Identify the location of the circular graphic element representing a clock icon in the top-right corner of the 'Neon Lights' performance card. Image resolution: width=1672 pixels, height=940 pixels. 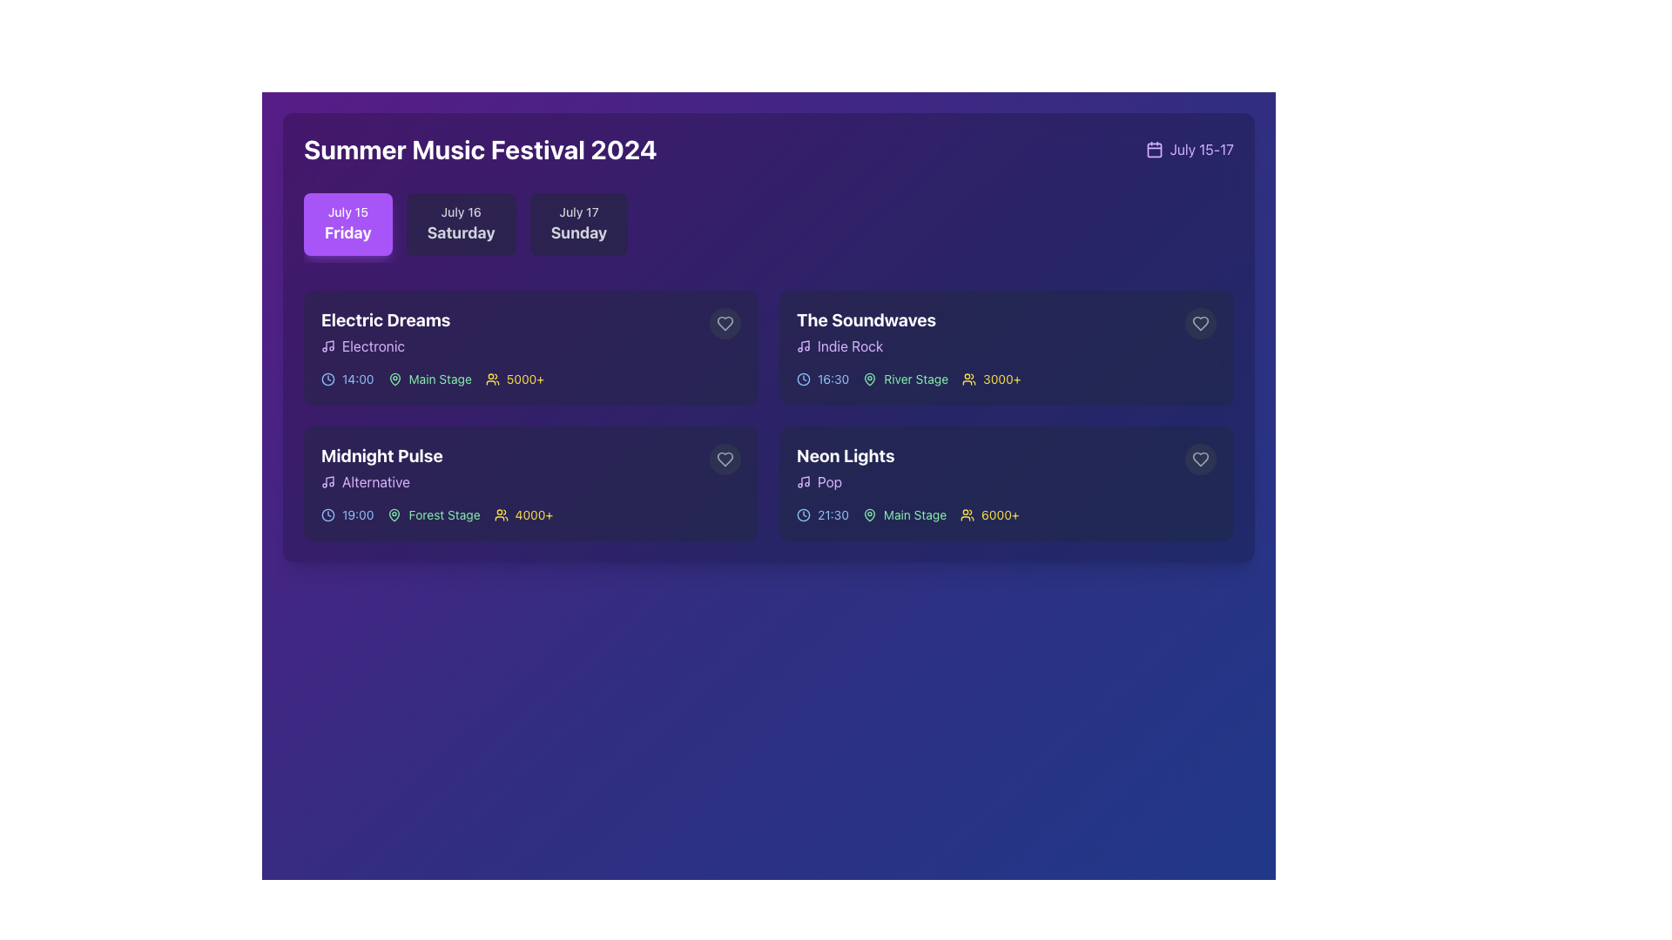
(802, 514).